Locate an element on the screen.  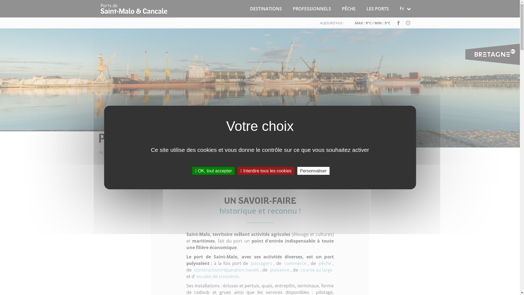
'course au large' is located at coordinates (299, 269).